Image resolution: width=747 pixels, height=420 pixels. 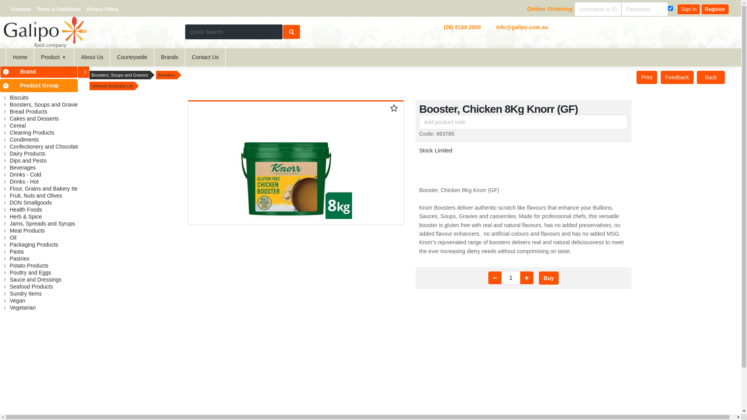 What do you see at coordinates (19, 258) in the screenshot?
I see `'Pastries'` at bounding box center [19, 258].